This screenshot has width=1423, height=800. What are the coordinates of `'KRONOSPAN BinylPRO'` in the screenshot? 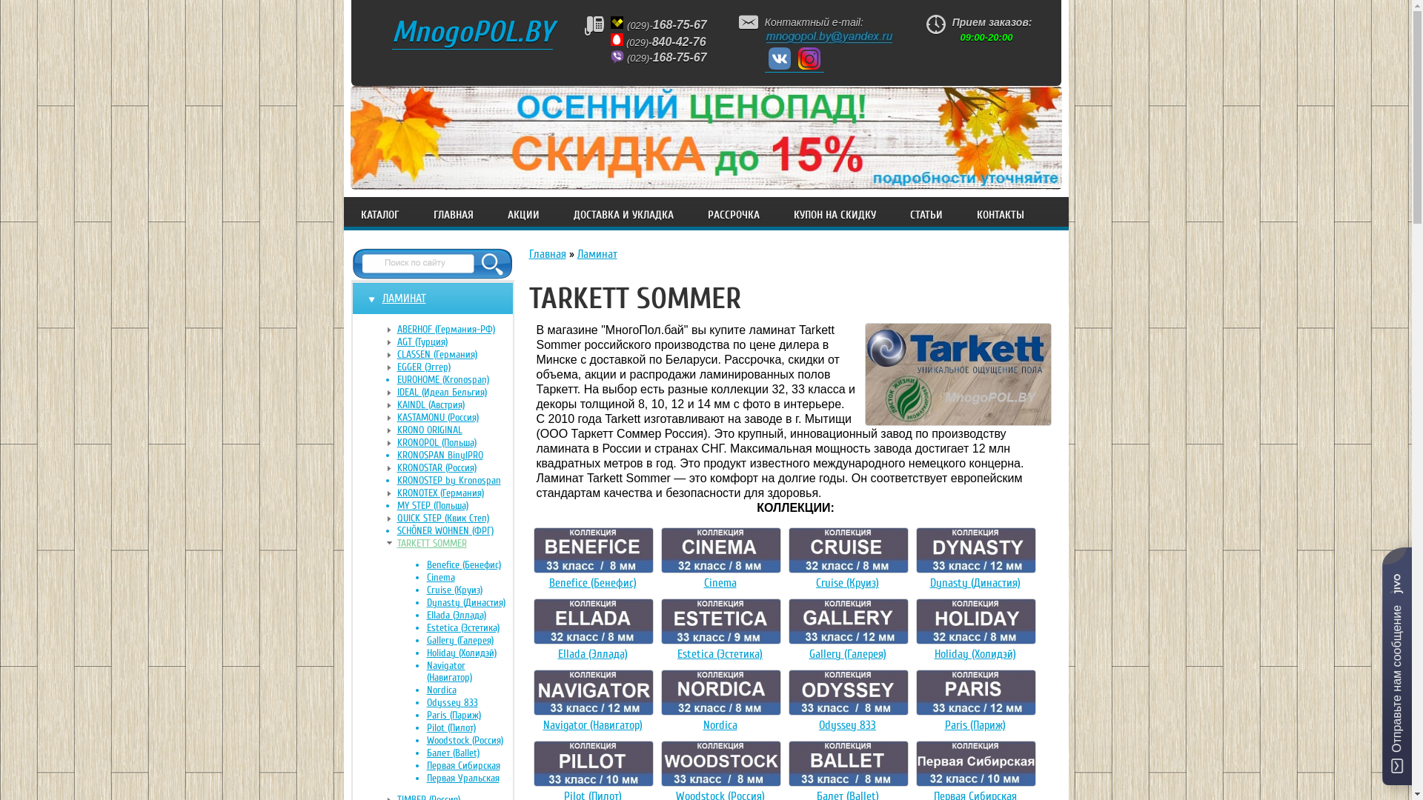 It's located at (454, 454).